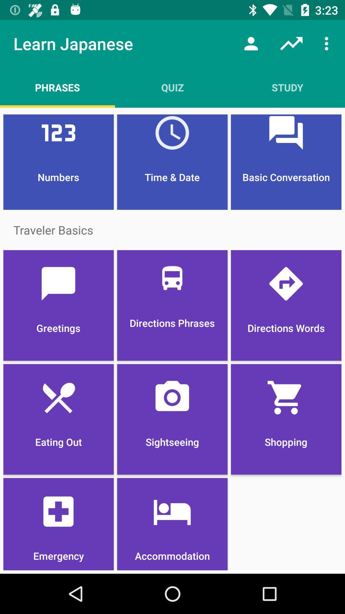 The height and width of the screenshot is (614, 345). Describe the element at coordinates (172, 87) in the screenshot. I see `quiz` at that location.